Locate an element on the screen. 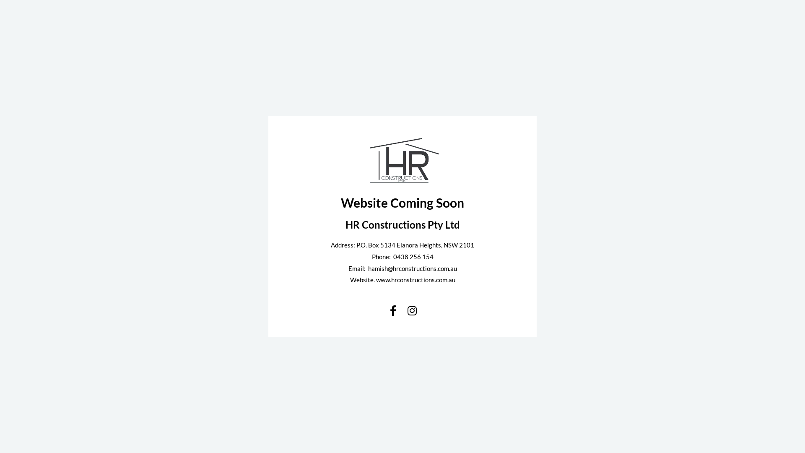 This screenshot has height=453, width=805. 'www.hrconstructions.com.au' is located at coordinates (415, 280).